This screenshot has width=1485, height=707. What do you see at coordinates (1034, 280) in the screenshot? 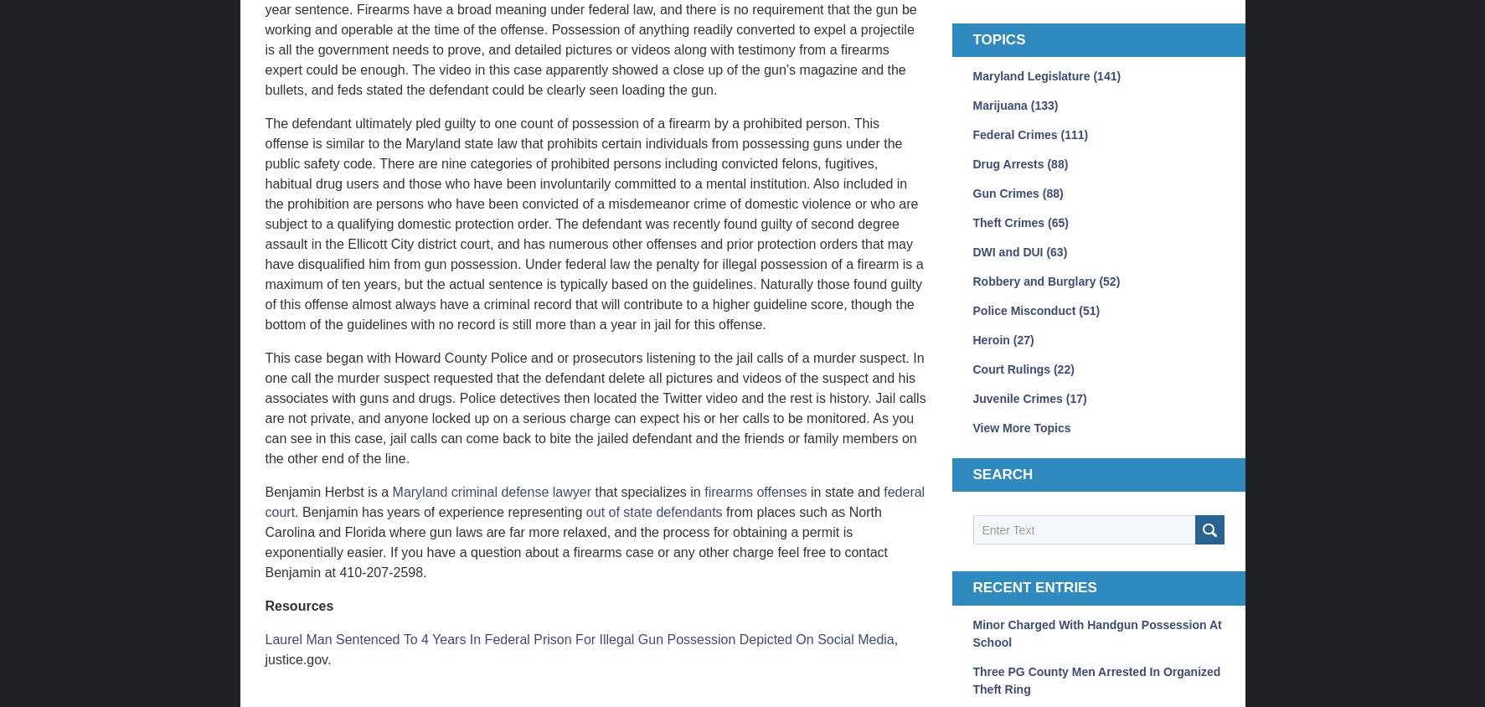
I see `'Robbery and Burglary'` at bounding box center [1034, 280].